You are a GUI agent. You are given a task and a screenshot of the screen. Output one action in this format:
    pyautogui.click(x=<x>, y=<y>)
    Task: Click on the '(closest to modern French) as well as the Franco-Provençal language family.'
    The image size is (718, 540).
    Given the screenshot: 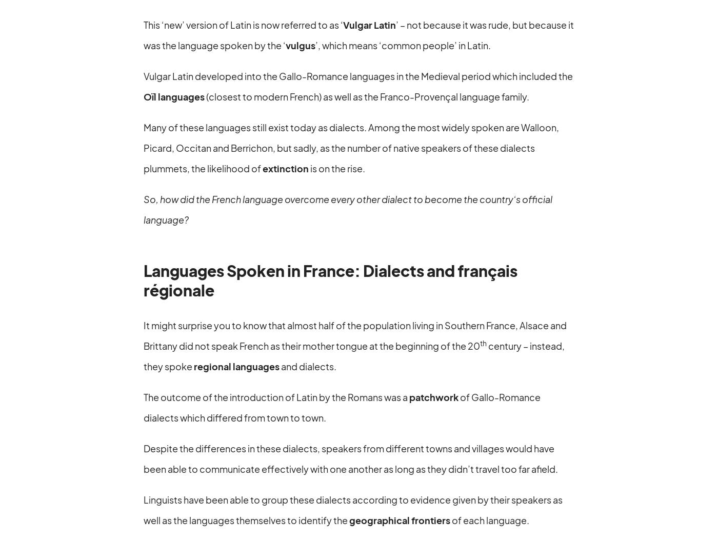 What is the action you would take?
    pyautogui.click(x=367, y=95)
    